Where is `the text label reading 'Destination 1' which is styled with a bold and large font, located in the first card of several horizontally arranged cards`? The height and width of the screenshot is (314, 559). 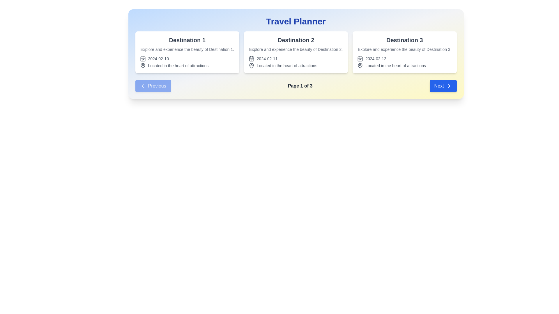
the text label reading 'Destination 1' which is styled with a bold and large font, located in the first card of several horizontally arranged cards is located at coordinates (187, 40).